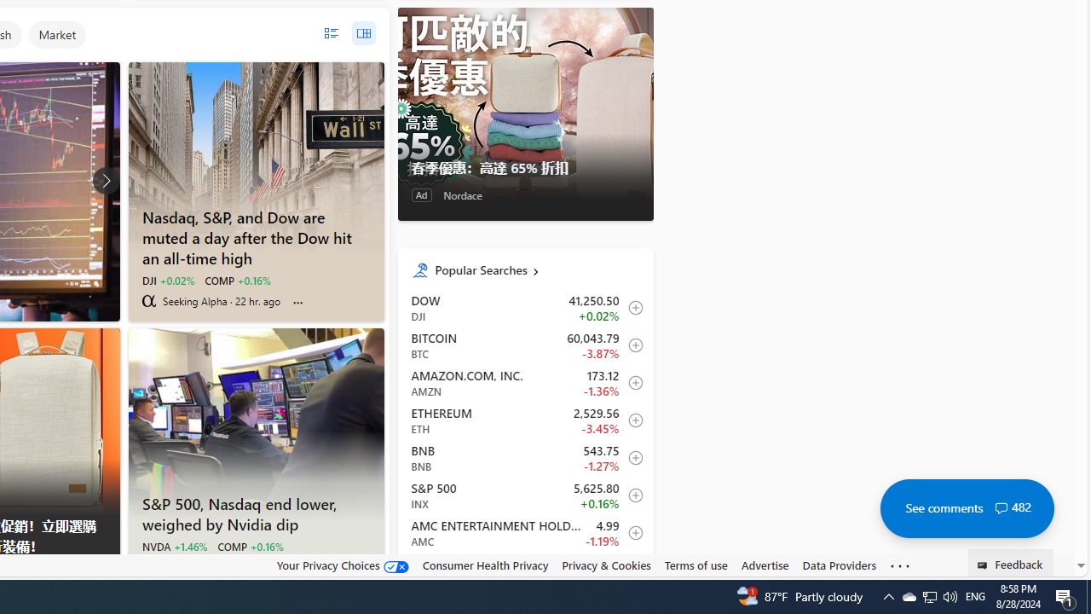 Image resolution: width=1091 pixels, height=614 pixels. I want to click on 'Terms of use', so click(696, 565).